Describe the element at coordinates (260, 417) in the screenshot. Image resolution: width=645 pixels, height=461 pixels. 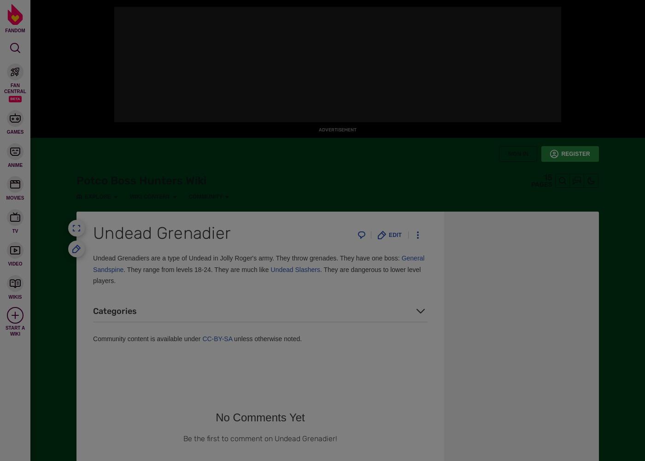
I see `'No Comments Yet'` at that location.